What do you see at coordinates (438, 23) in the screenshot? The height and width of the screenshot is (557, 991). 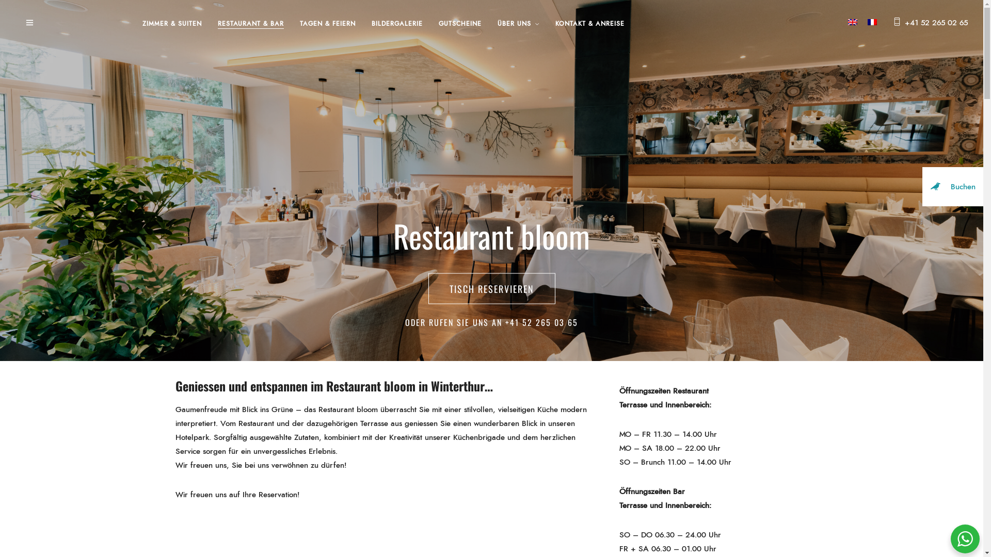 I see `'GUTSCHEINE'` at bounding box center [438, 23].